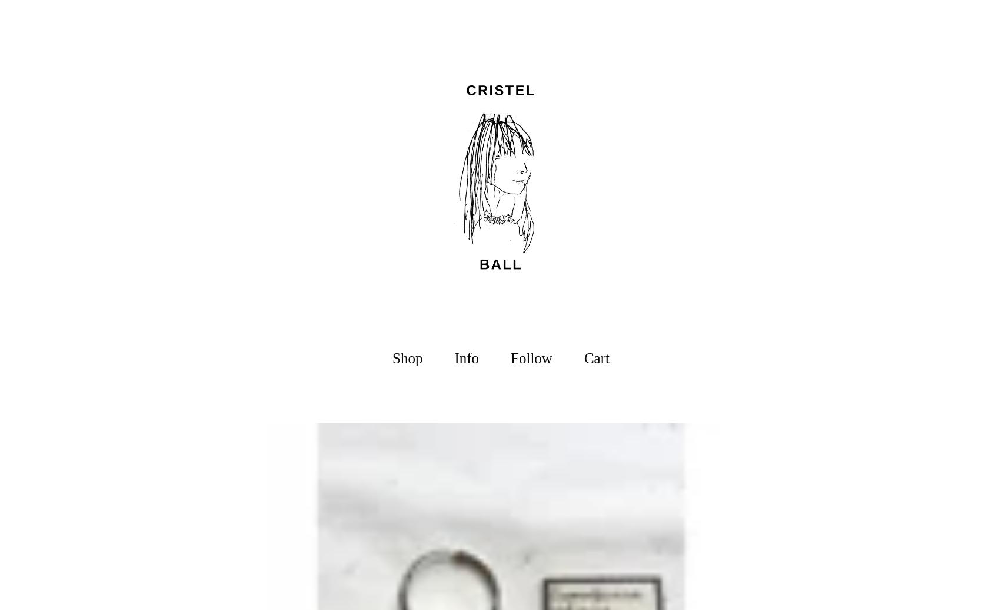 Image resolution: width=1002 pixels, height=610 pixels. I want to click on 'Necklaces', so click(407, 409).